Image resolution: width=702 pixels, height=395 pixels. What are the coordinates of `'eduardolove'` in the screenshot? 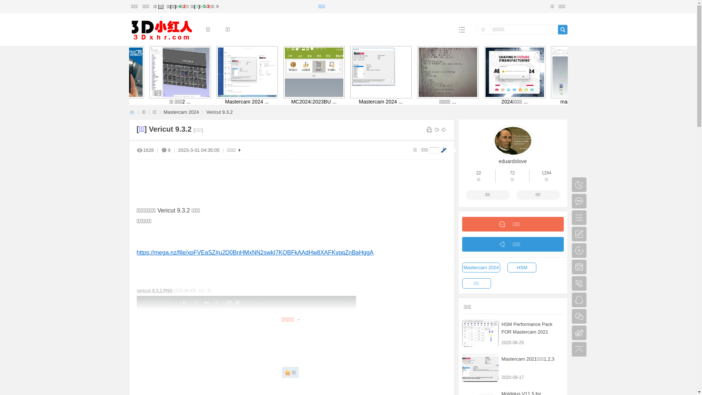 It's located at (512, 160).